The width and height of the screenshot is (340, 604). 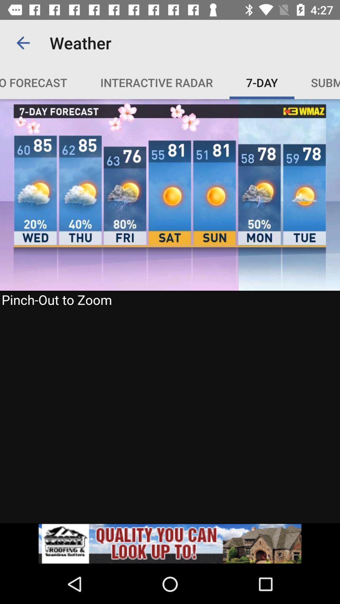 What do you see at coordinates (170, 311) in the screenshot?
I see `expand image` at bounding box center [170, 311].